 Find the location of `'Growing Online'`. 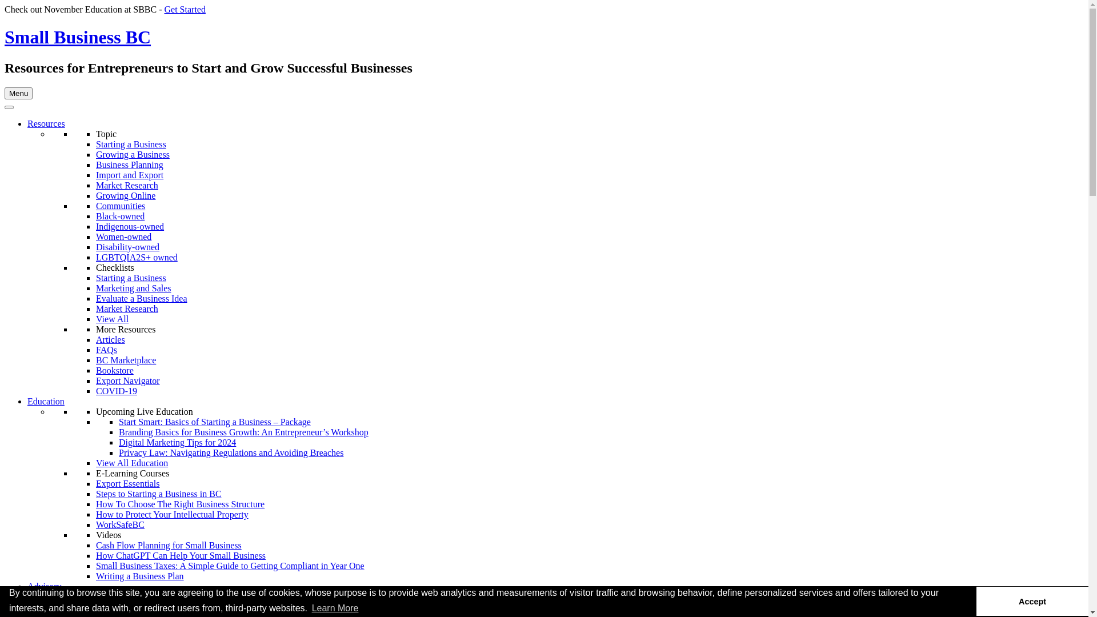

'Growing Online' is located at coordinates (126, 195).